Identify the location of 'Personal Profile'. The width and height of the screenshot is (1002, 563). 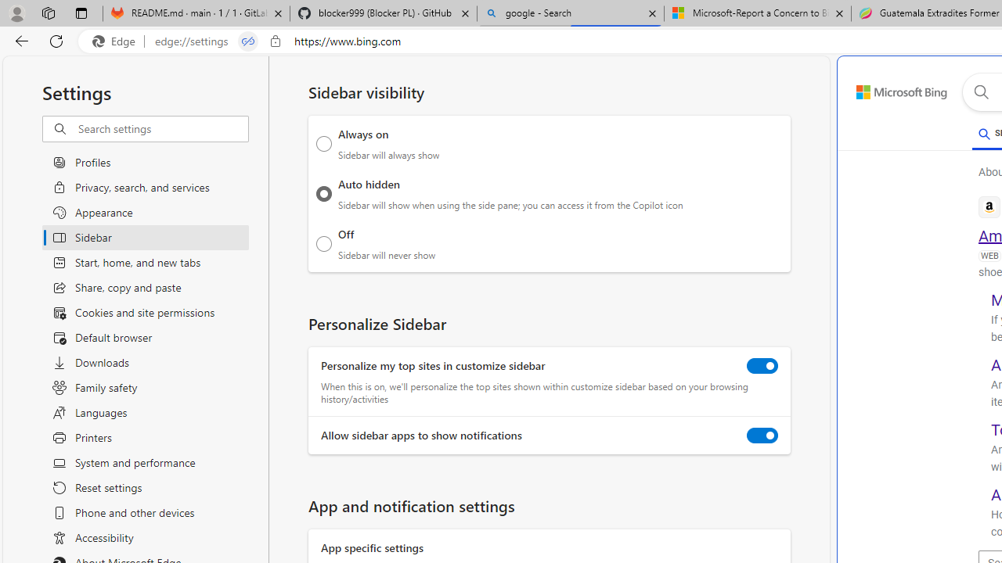
(16, 13).